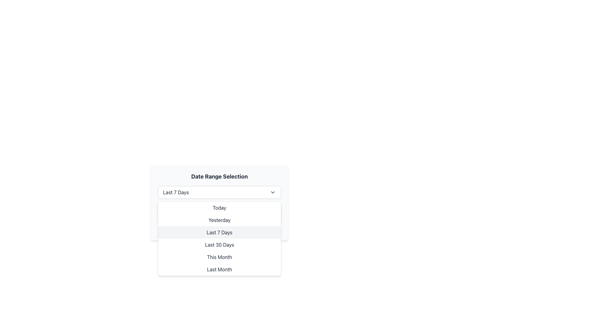 This screenshot has height=333, width=592. Describe the element at coordinates (219, 192) in the screenshot. I see `the dropdown menu located at the center of the 'Date Range Selection' module` at that location.